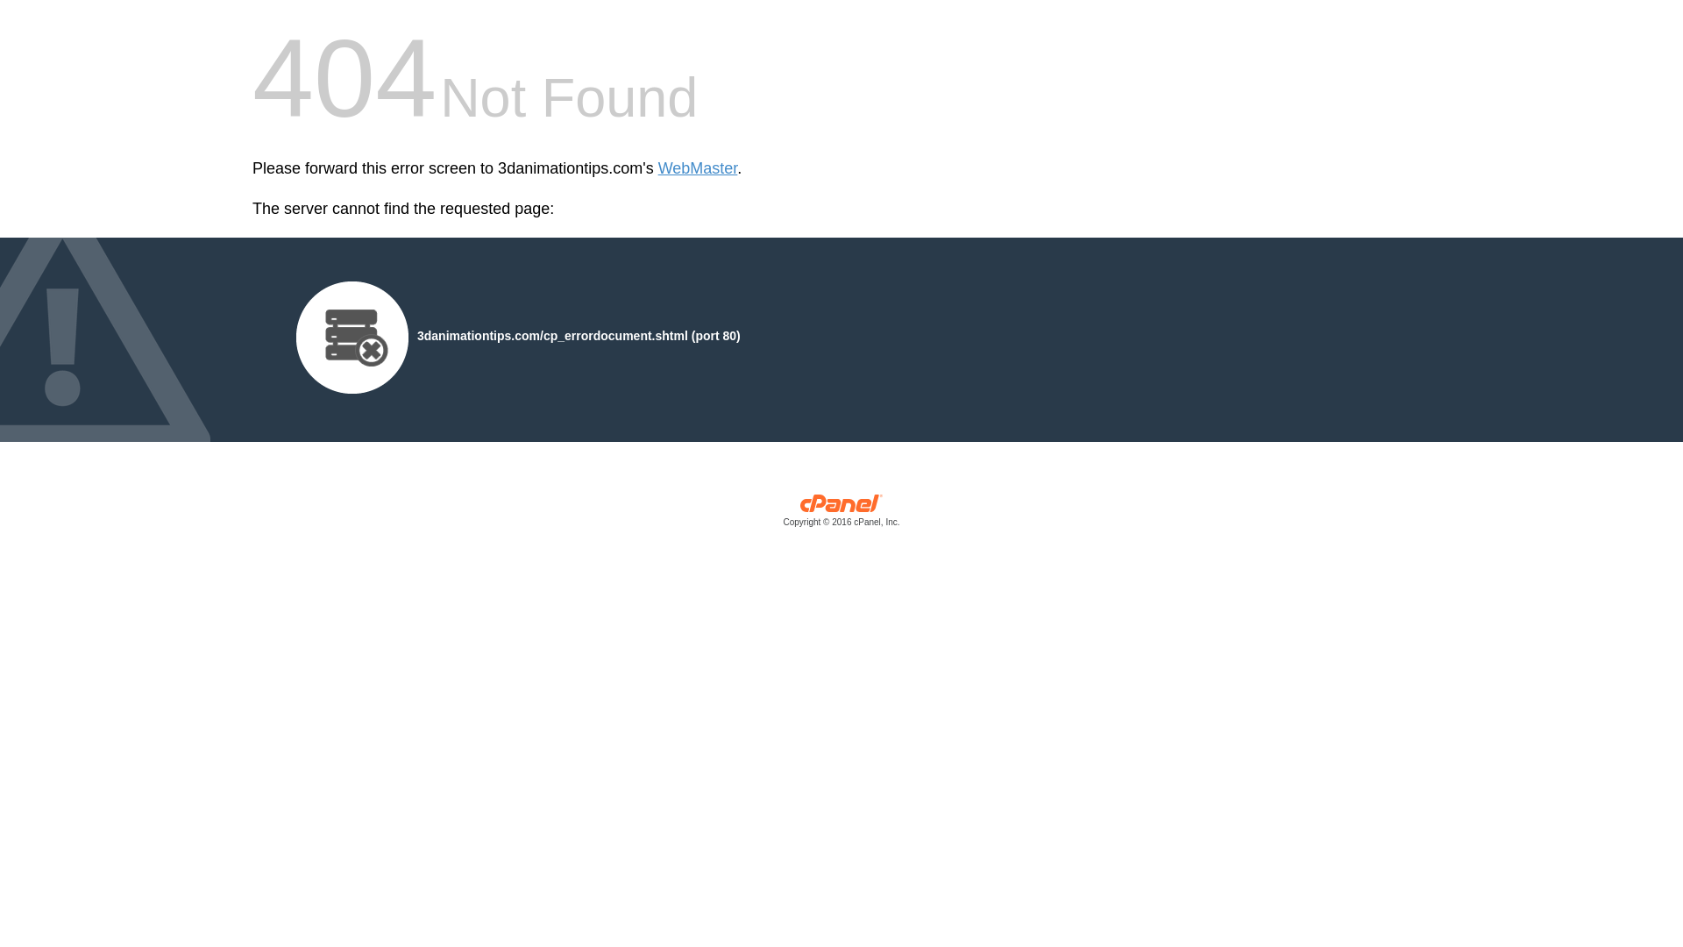 The image size is (1683, 947). What do you see at coordinates (697, 168) in the screenshot?
I see `'WebMaster'` at bounding box center [697, 168].